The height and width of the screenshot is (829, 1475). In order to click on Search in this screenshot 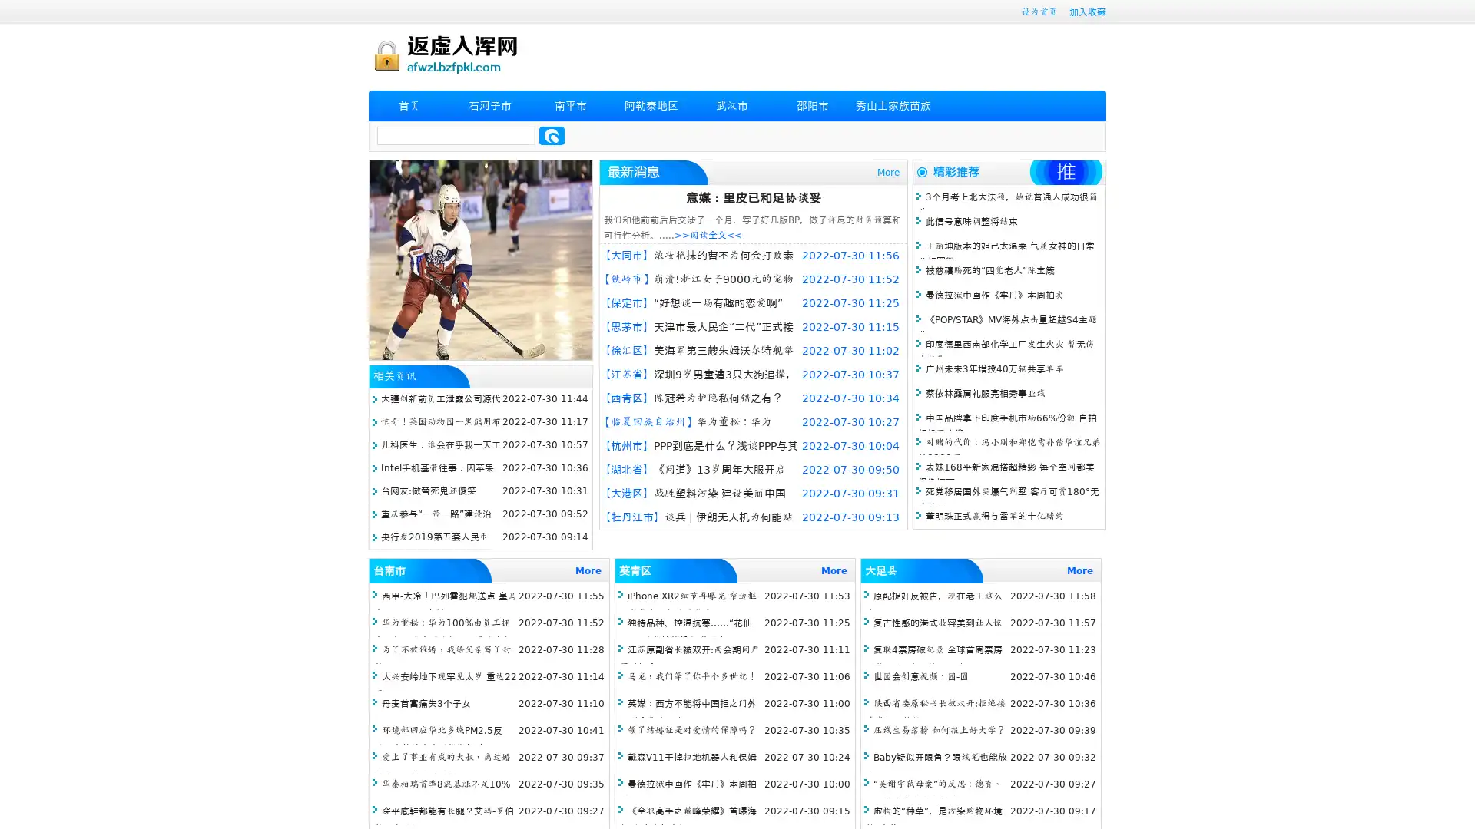, I will do `click(552, 135)`.